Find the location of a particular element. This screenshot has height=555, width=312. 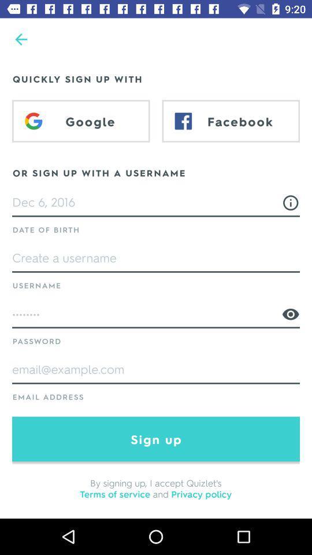

the google is located at coordinates (80, 121).